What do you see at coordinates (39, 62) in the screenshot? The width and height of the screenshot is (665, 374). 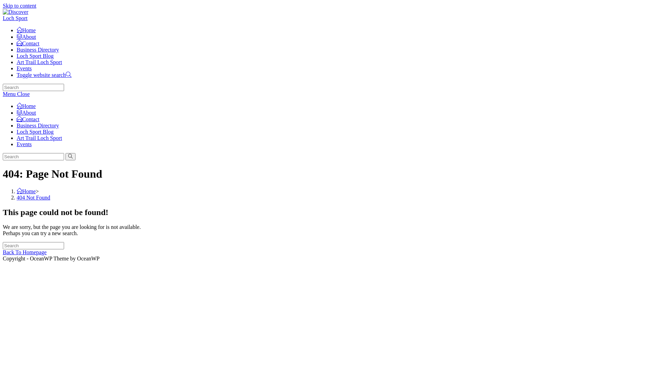 I see `'Art Trail Loch Sport'` at bounding box center [39, 62].